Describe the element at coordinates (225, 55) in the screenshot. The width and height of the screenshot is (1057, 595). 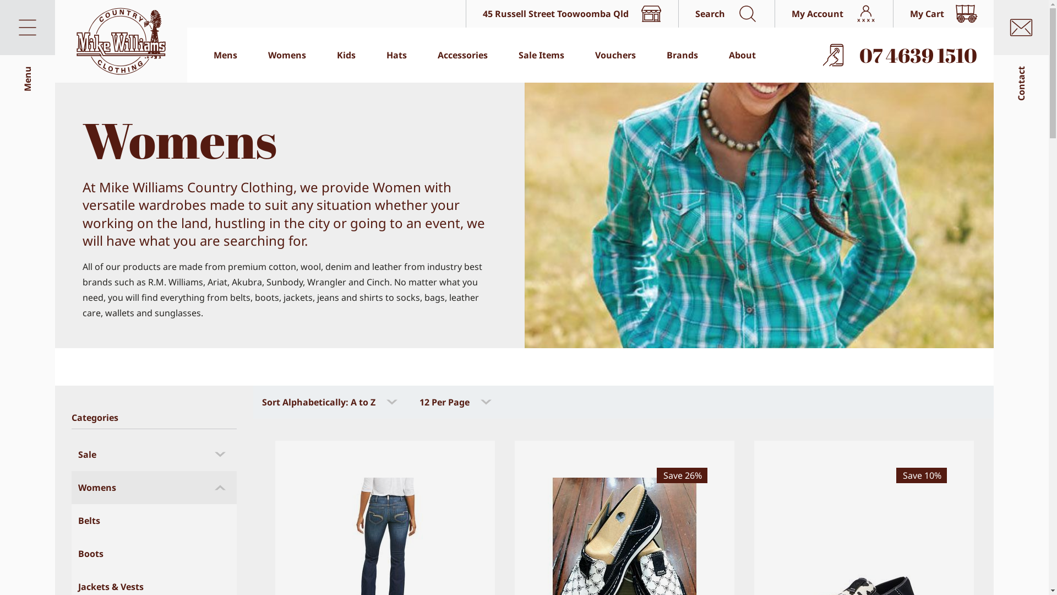
I see `'Mens'` at that location.